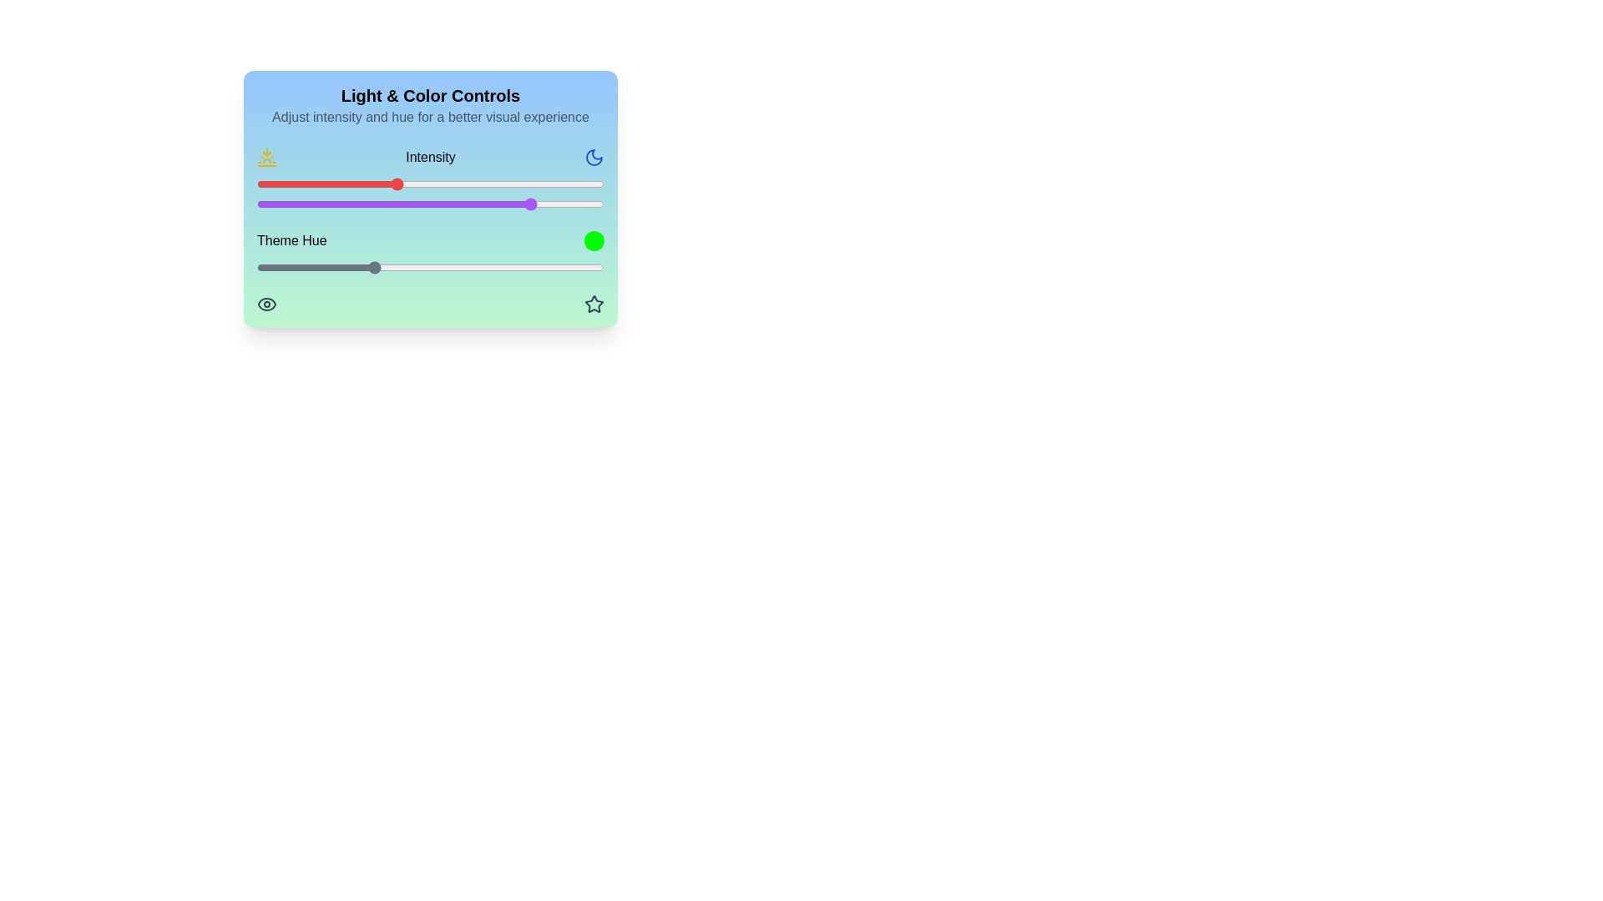 Image resolution: width=1603 pixels, height=901 pixels. I want to click on the slider value, so click(434, 204).